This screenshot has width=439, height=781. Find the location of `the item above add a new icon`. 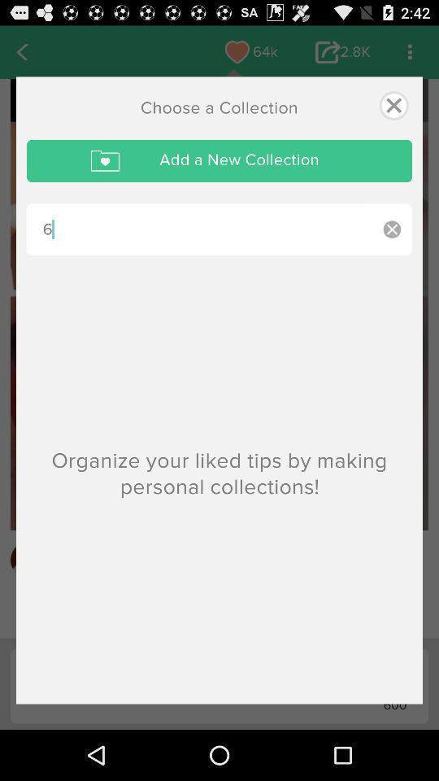

the item above add a new icon is located at coordinates (393, 104).